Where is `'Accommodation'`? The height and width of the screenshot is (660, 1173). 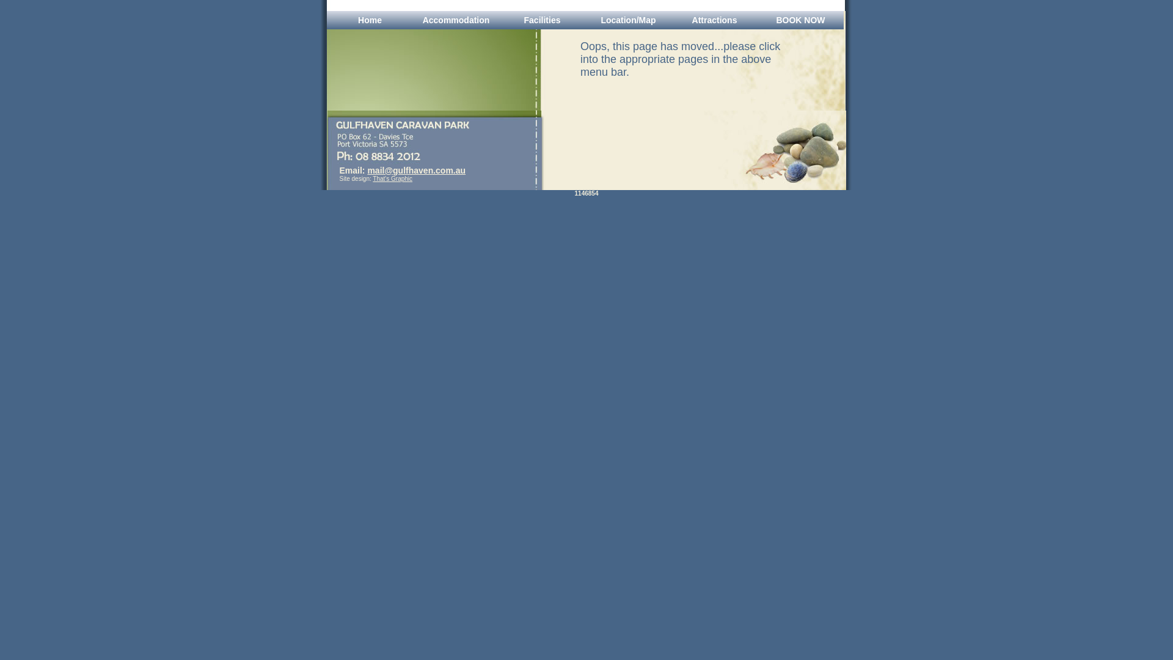
'Accommodation' is located at coordinates (455, 20).